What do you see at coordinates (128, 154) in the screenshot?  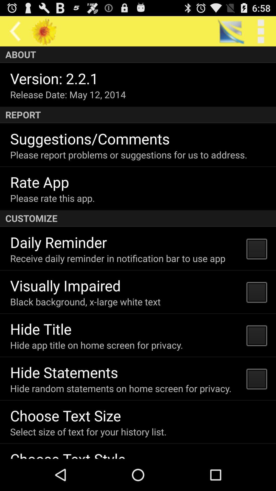 I see `the icon above rate app` at bounding box center [128, 154].